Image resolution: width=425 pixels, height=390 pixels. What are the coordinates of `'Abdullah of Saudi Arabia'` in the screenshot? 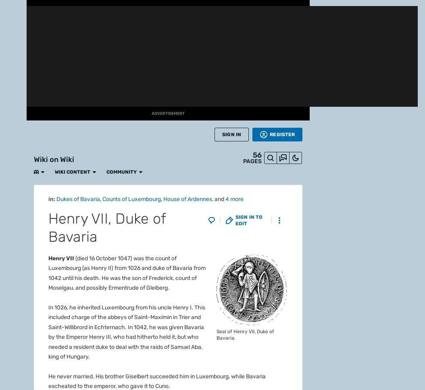 It's located at (90, 111).